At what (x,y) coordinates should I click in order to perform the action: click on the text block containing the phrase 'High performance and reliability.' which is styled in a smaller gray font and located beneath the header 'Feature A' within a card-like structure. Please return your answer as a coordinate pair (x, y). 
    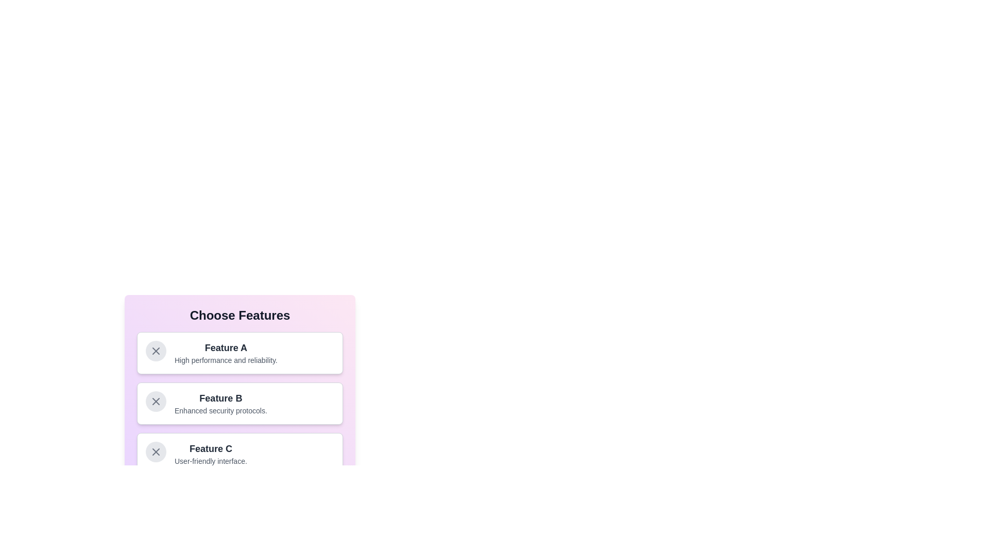
    Looking at the image, I should click on (225, 359).